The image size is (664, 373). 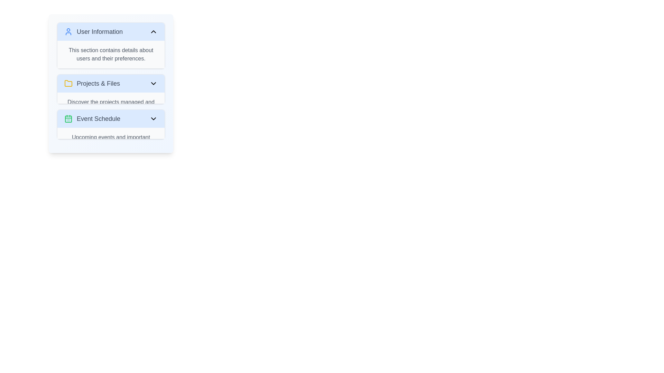 I want to click on the chevron icon for the 'User Information' section, so click(x=153, y=32).